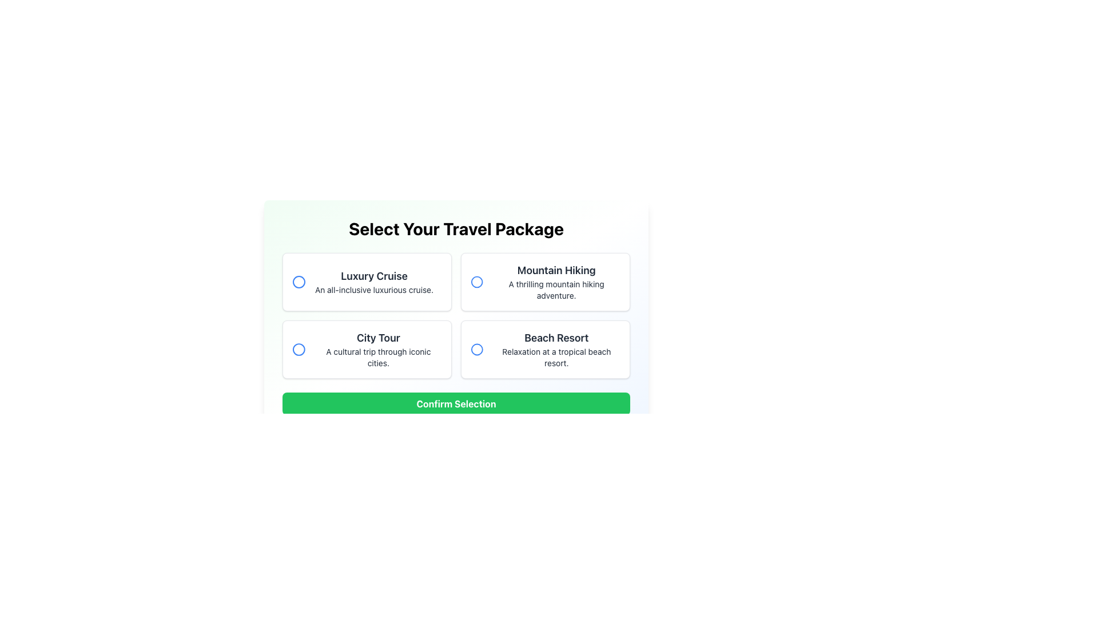 Image resolution: width=1098 pixels, height=618 pixels. Describe the element at coordinates (299, 282) in the screenshot. I see `the current state of the Radio Button Indicator located in the 'Luxury Cruise' option card, which is a circular element with a blue outline and white fill` at that location.